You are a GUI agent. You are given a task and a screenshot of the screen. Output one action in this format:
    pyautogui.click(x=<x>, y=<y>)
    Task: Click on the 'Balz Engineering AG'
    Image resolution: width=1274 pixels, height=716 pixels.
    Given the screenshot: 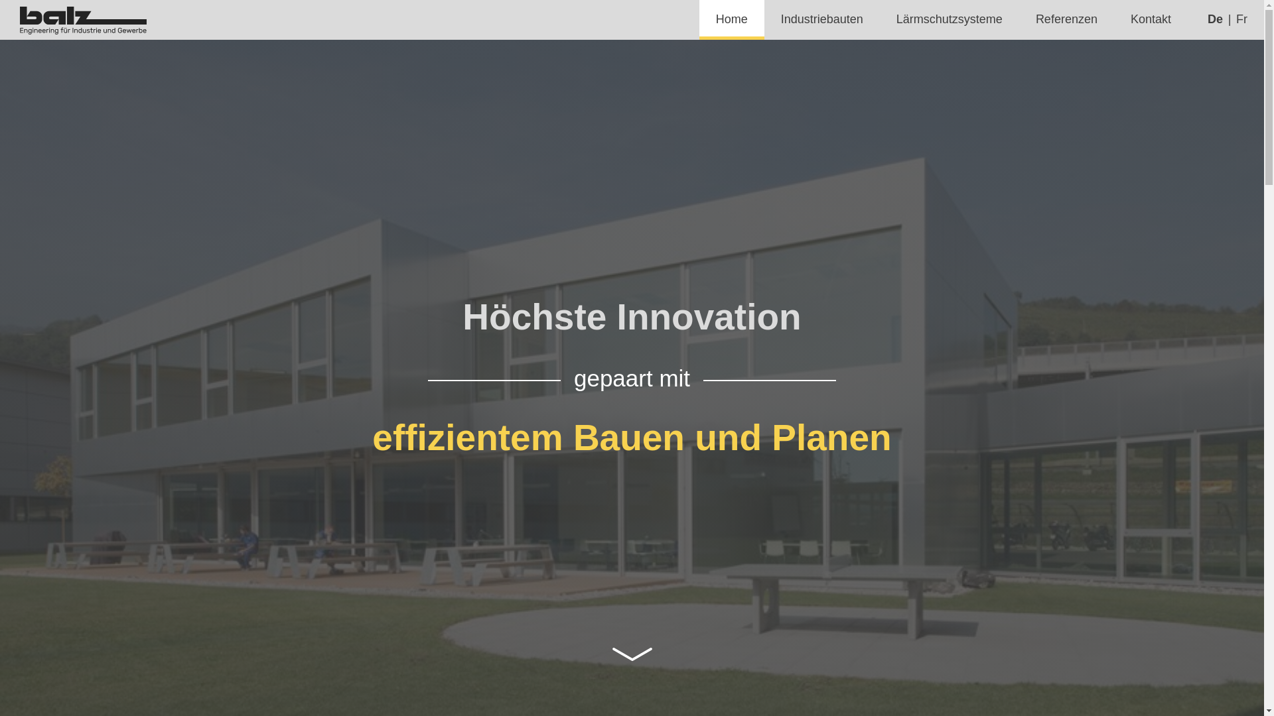 What is the action you would take?
    pyautogui.click(x=82, y=20)
    